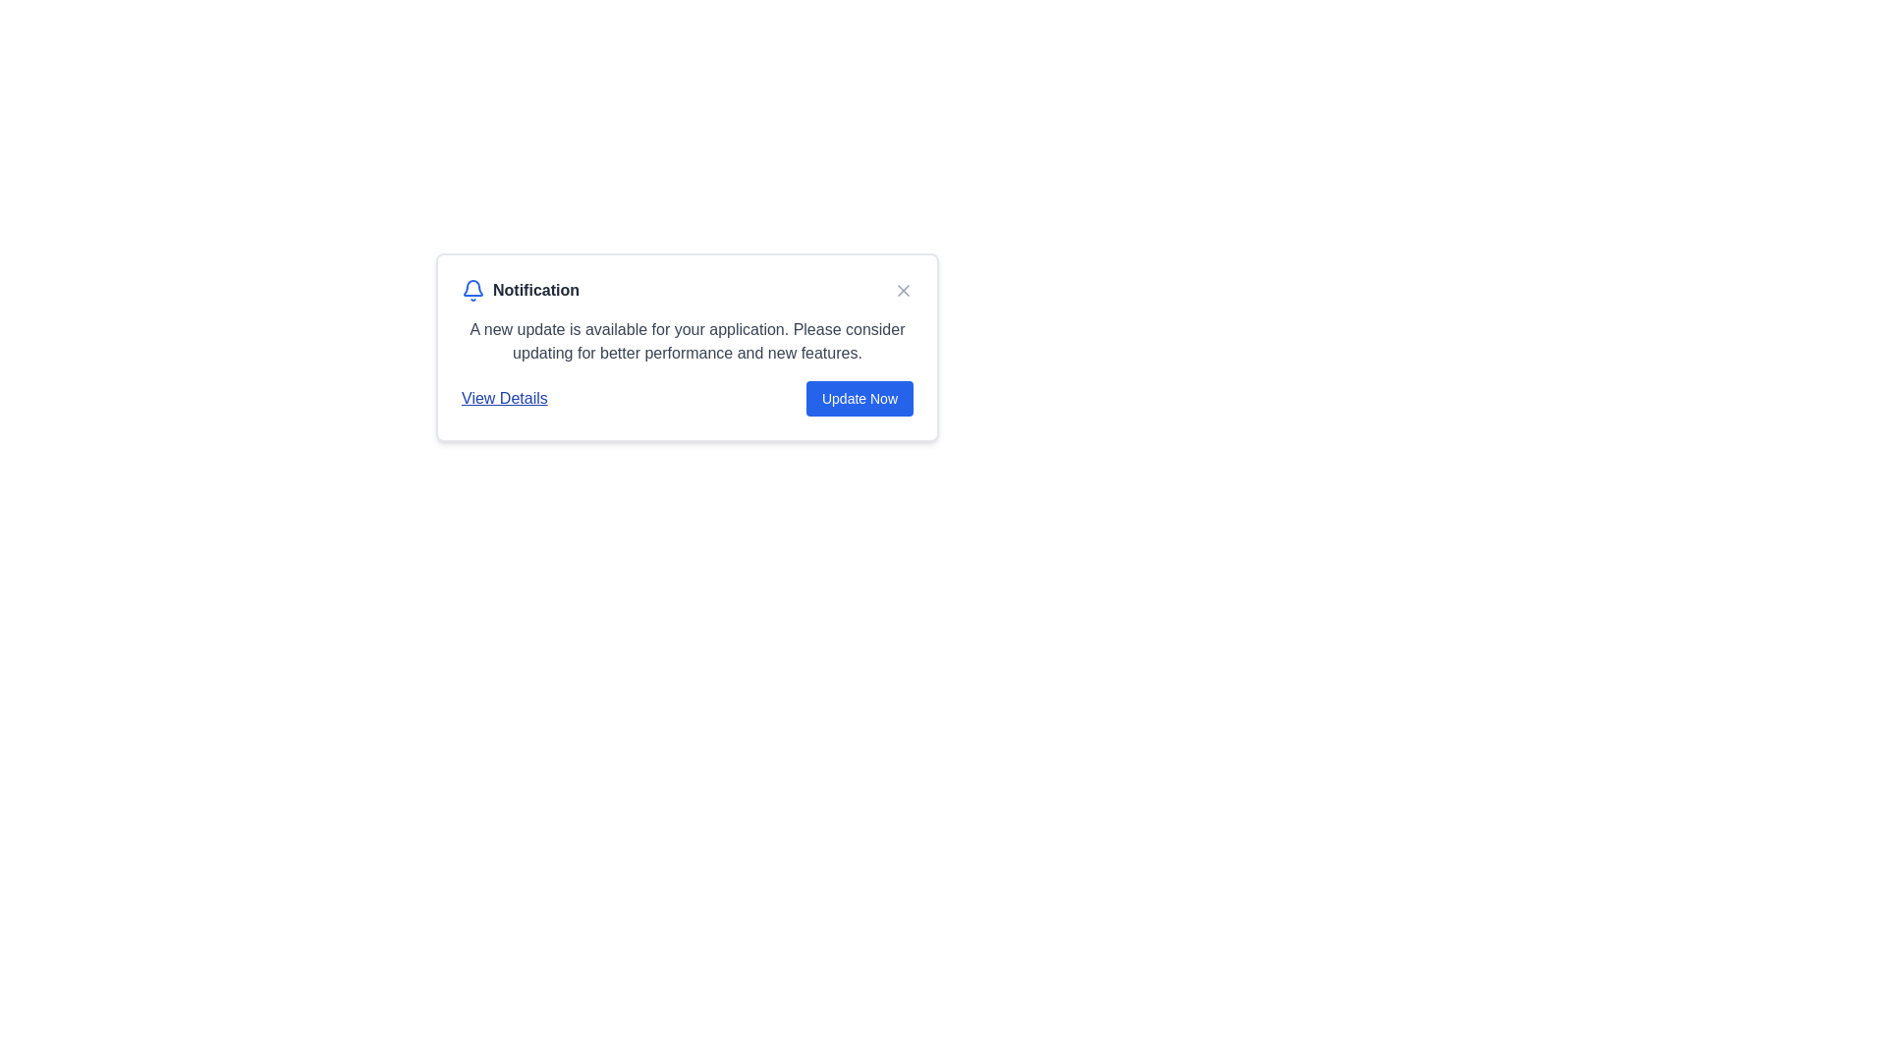 The height and width of the screenshot is (1061, 1886). What do you see at coordinates (688, 340) in the screenshot?
I see `the text content that reads 'A new update is available for your application. Please consider updating for better performance and new features.' in the notification modal` at bounding box center [688, 340].